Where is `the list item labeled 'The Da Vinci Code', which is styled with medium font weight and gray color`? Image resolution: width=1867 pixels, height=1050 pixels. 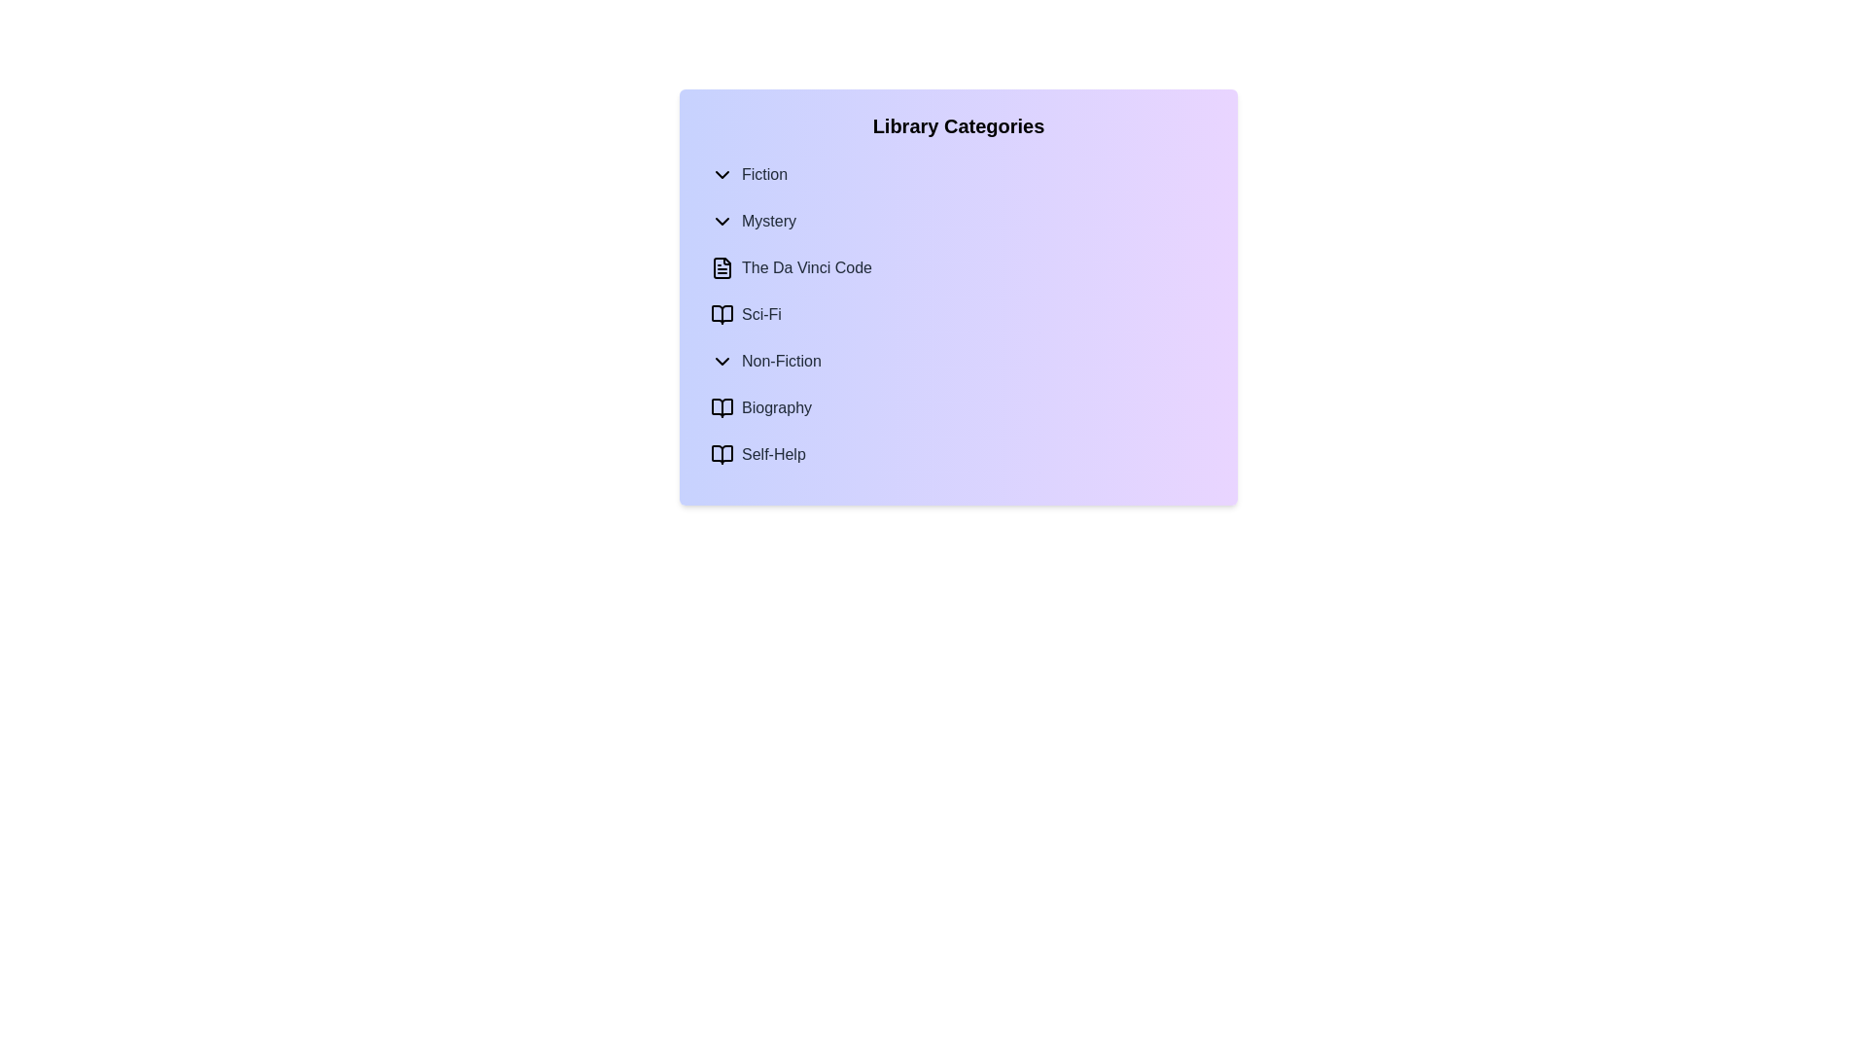 the list item labeled 'The Da Vinci Code', which is styled with medium font weight and gray color is located at coordinates (958, 268).